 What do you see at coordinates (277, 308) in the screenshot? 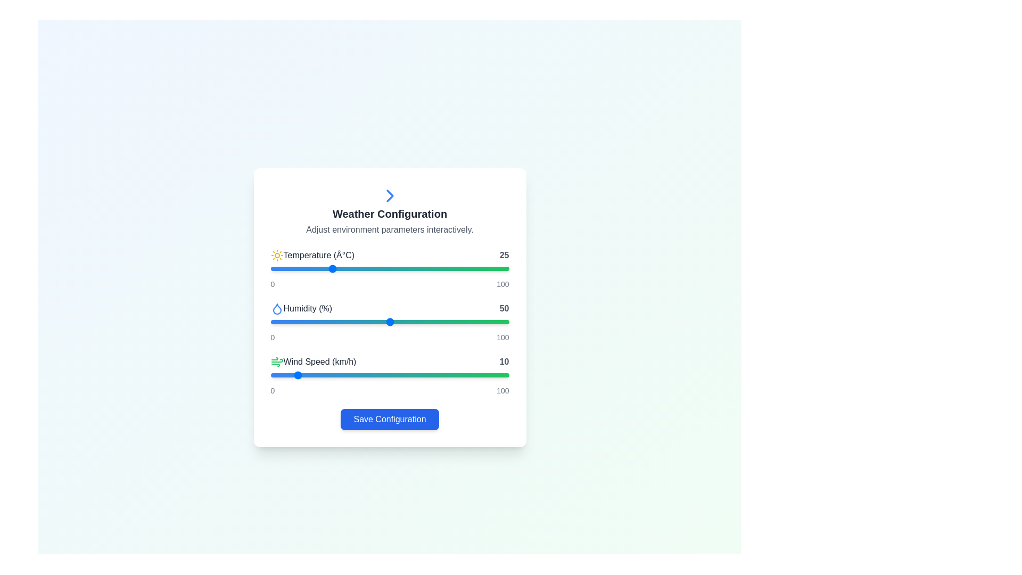
I see `the blue-colored droplet icon, which is styled with clean, rounded lines and is located to the left of the 'Humidity (%)' text label` at bounding box center [277, 308].